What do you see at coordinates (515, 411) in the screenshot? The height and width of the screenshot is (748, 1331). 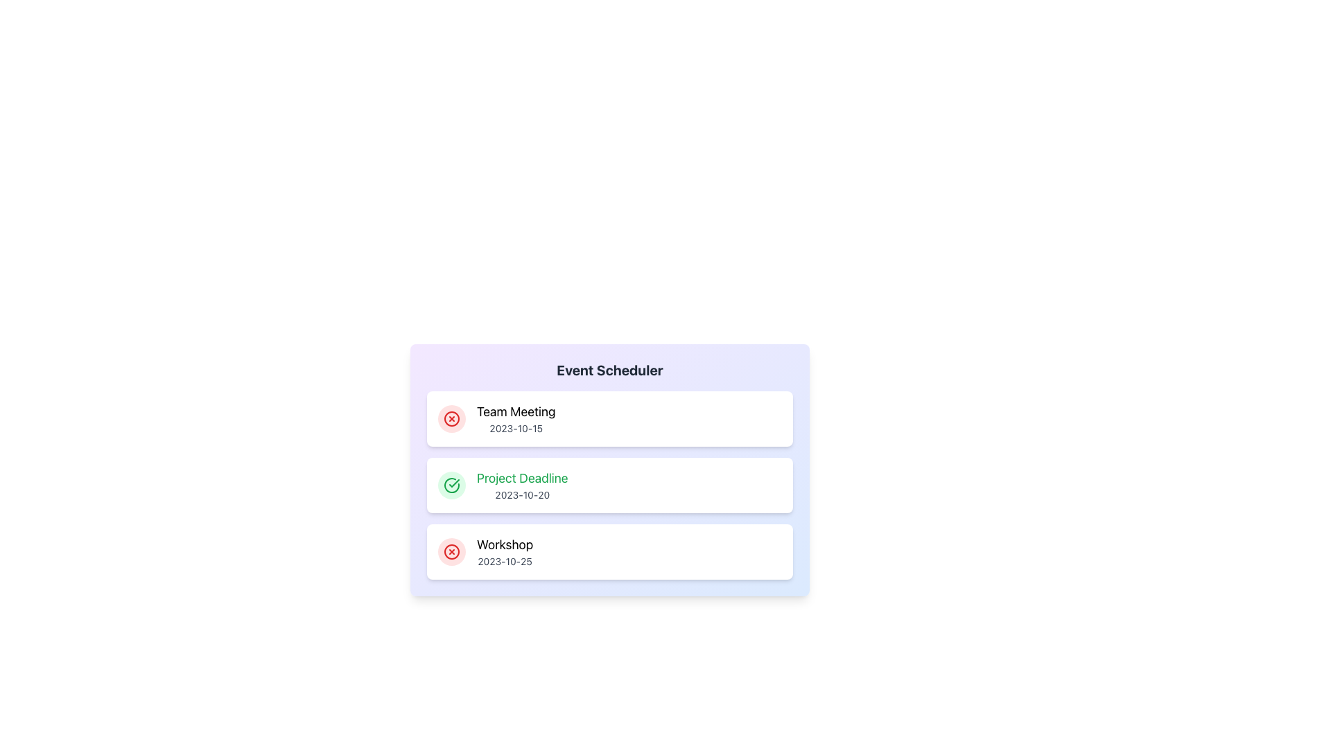 I see `text label that identifies the event in the scheduling application, located in the topmost card of the 'Event Scheduler' module` at bounding box center [515, 411].